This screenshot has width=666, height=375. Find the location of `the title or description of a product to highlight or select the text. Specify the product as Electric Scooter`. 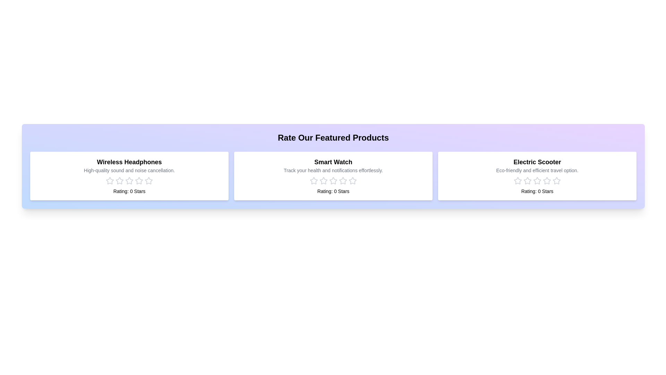

the title or description of a product to highlight or select the text. Specify the product as Electric Scooter is located at coordinates (537, 162).